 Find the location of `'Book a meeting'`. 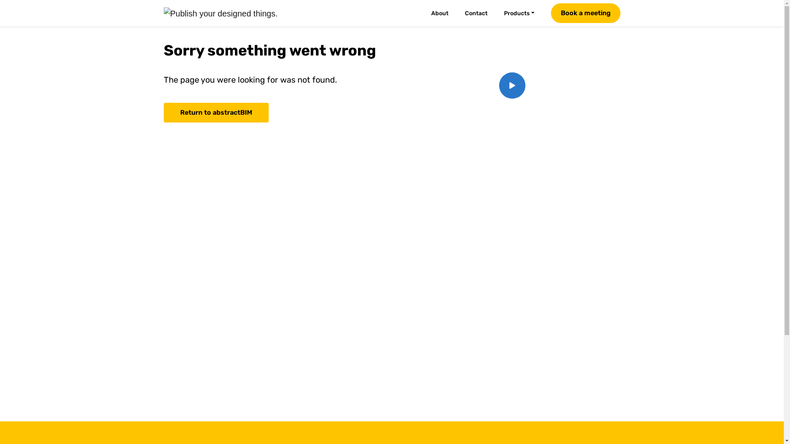

'Book a meeting' is located at coordinates (551, 13).